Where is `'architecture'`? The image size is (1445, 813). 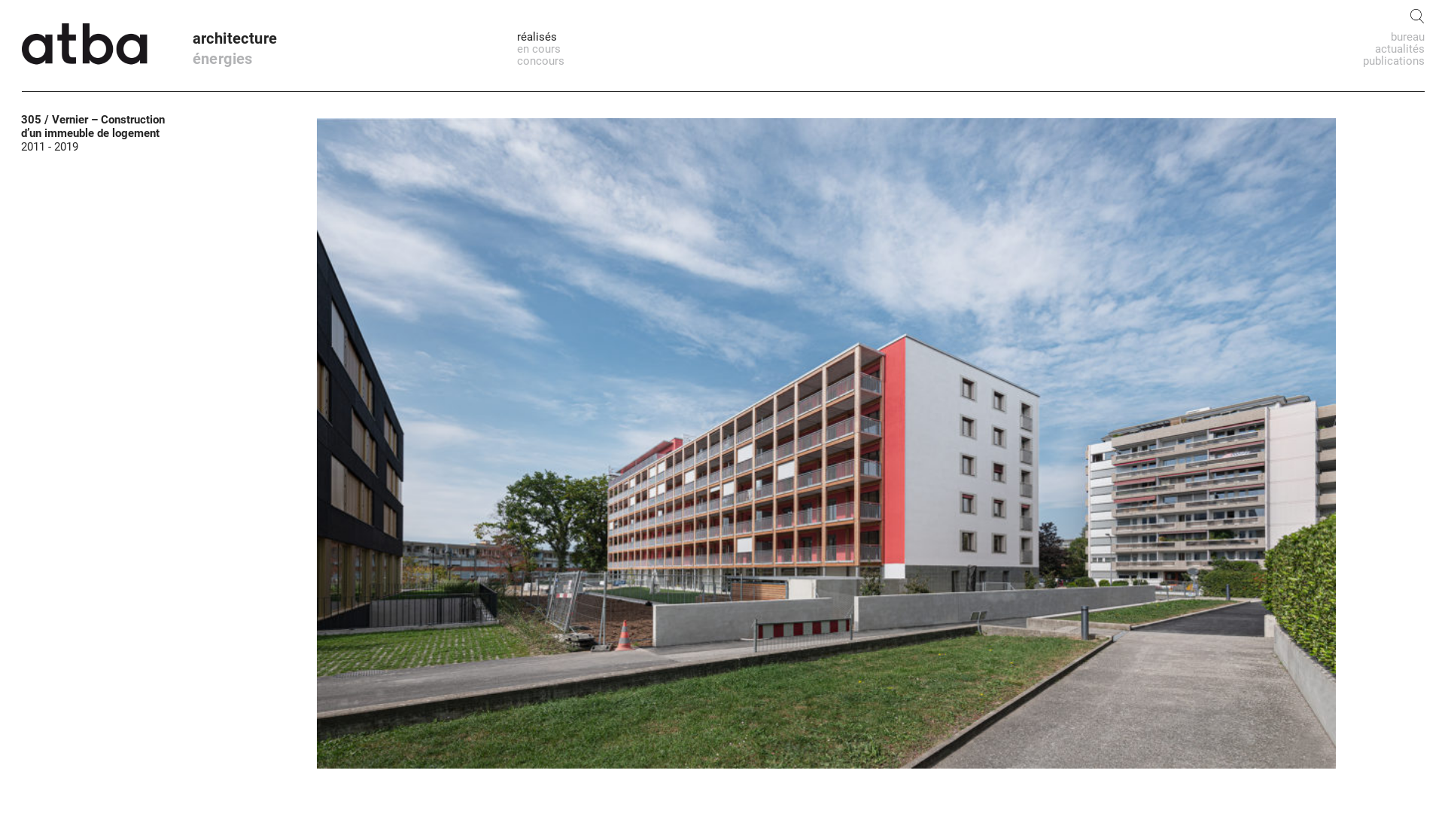 'architecture' is located at coordinates (191, 37).